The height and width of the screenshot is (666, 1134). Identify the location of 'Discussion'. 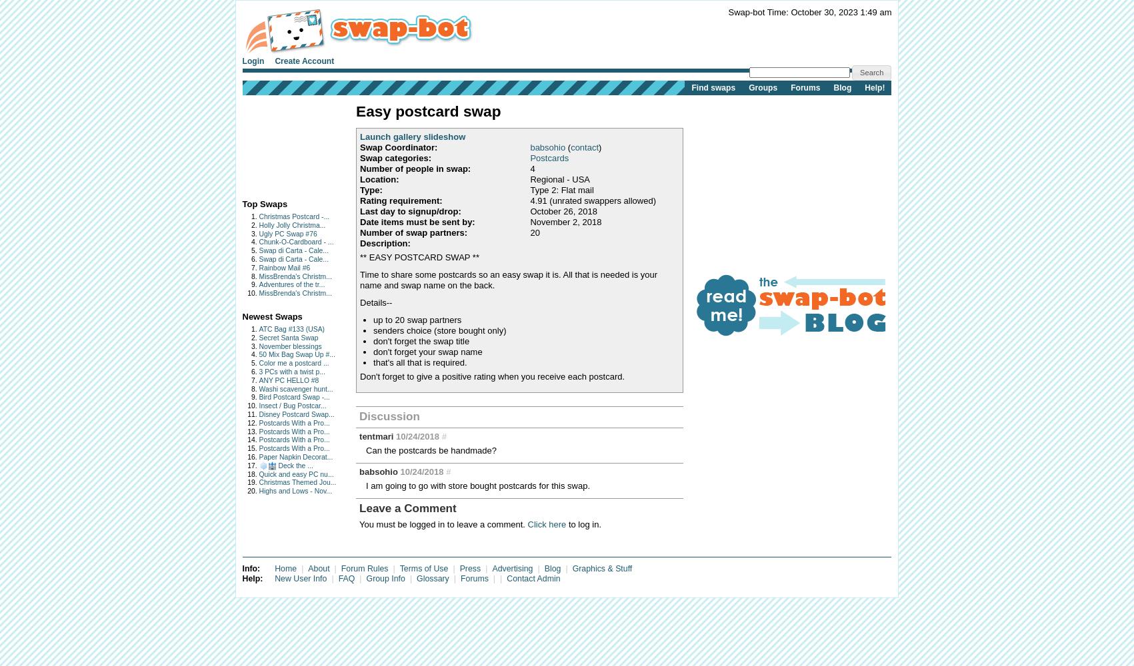
(389, 415).